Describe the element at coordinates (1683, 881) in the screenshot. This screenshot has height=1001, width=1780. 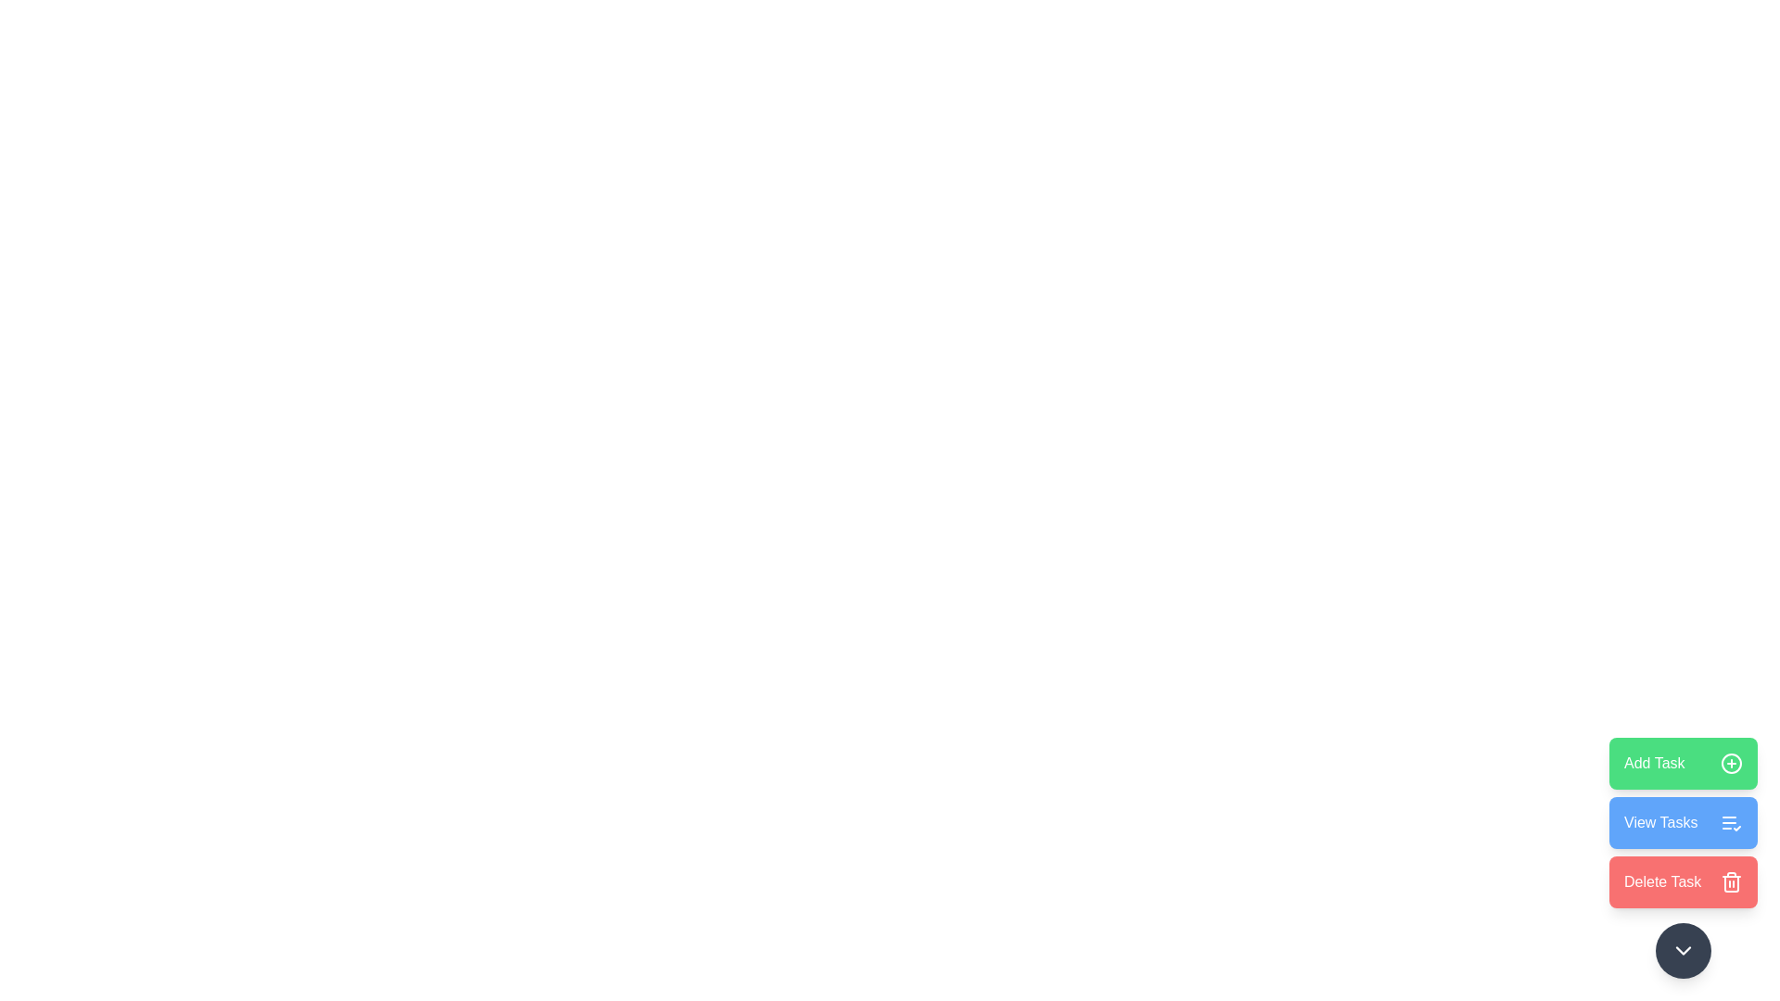
I see `the 'Delete Task' button` at that location.